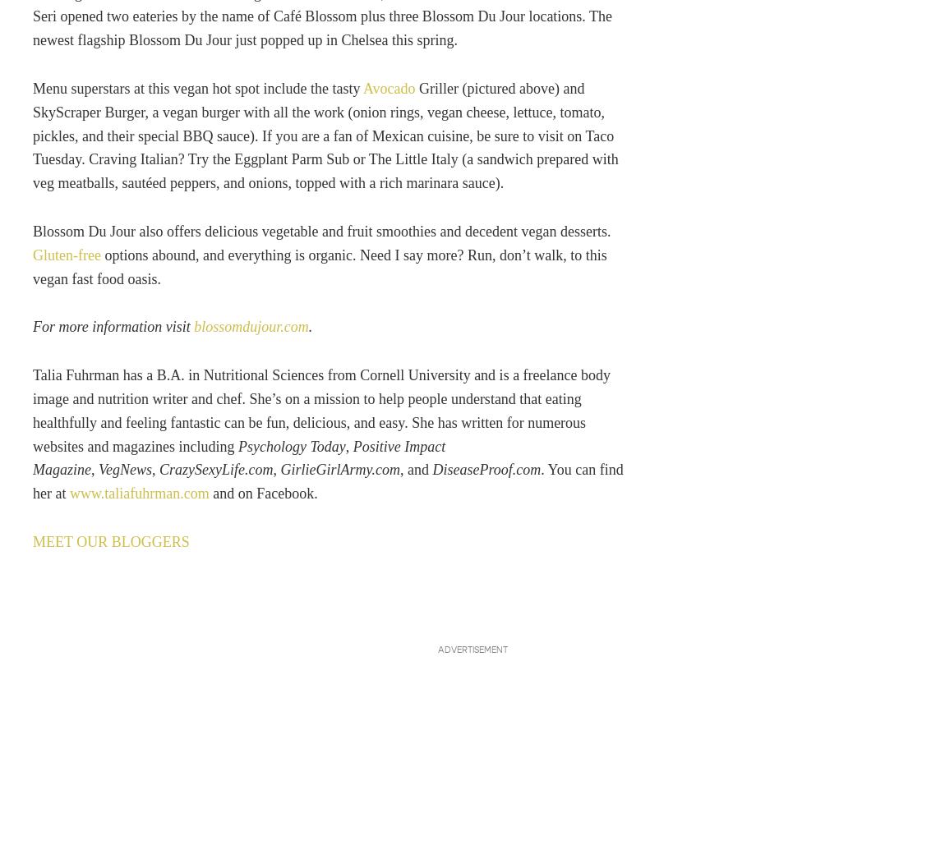 The width and height of the screenshot is (945, 859). Describe the element at coordinates (339, 468) in the screenshot. I see `'GirlieGirlArmy.com'` at that location.